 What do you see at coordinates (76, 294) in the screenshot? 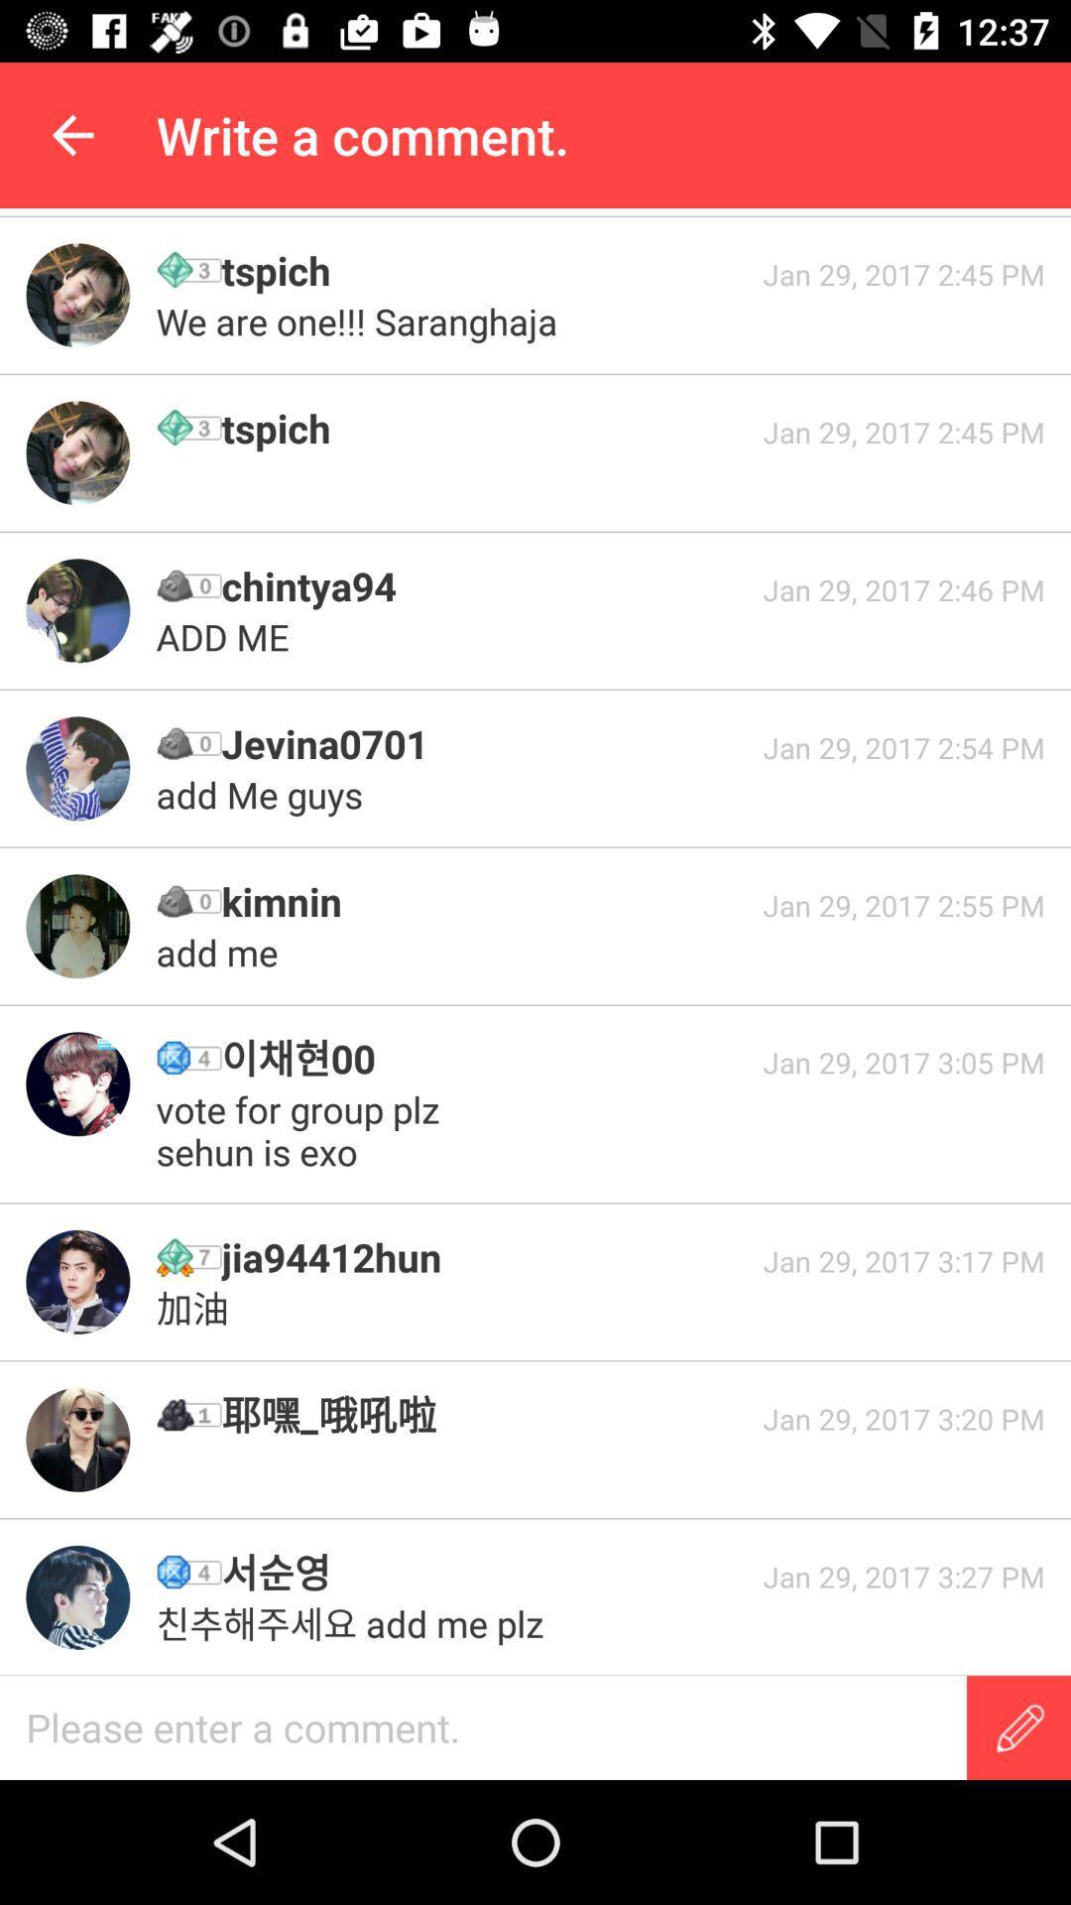
I see `commentators profile` at bounding box center [76, 294].